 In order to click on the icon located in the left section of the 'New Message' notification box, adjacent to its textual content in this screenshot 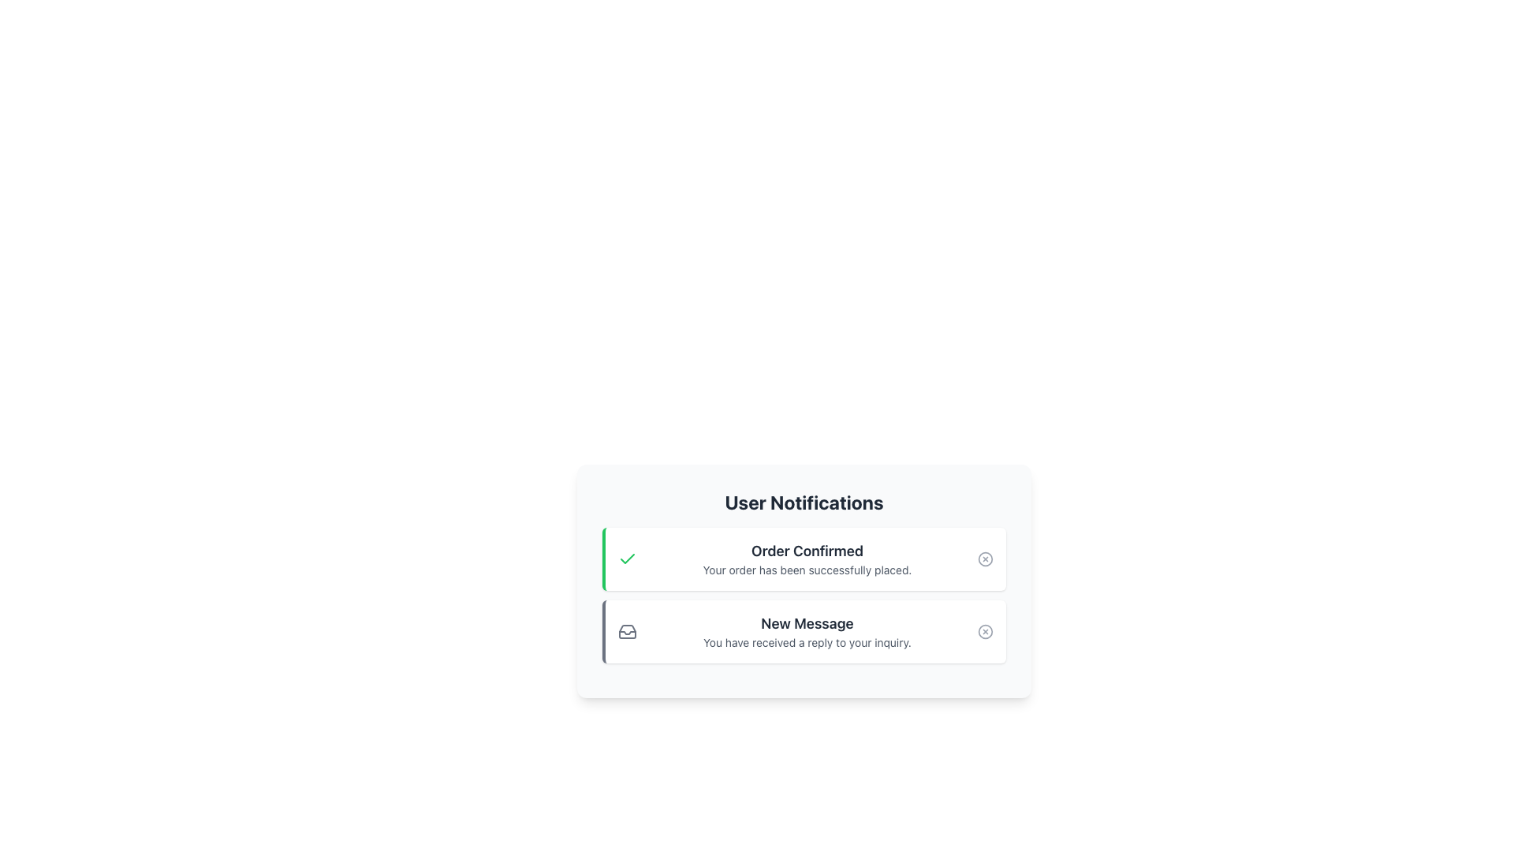, I will do `click(627, 631)`.